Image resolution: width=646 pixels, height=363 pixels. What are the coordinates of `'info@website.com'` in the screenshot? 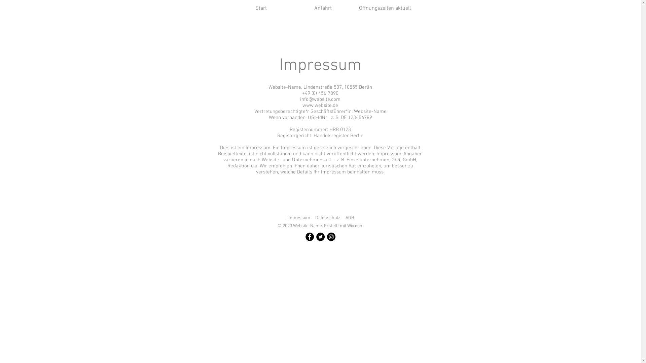 It's located at (320, 99).